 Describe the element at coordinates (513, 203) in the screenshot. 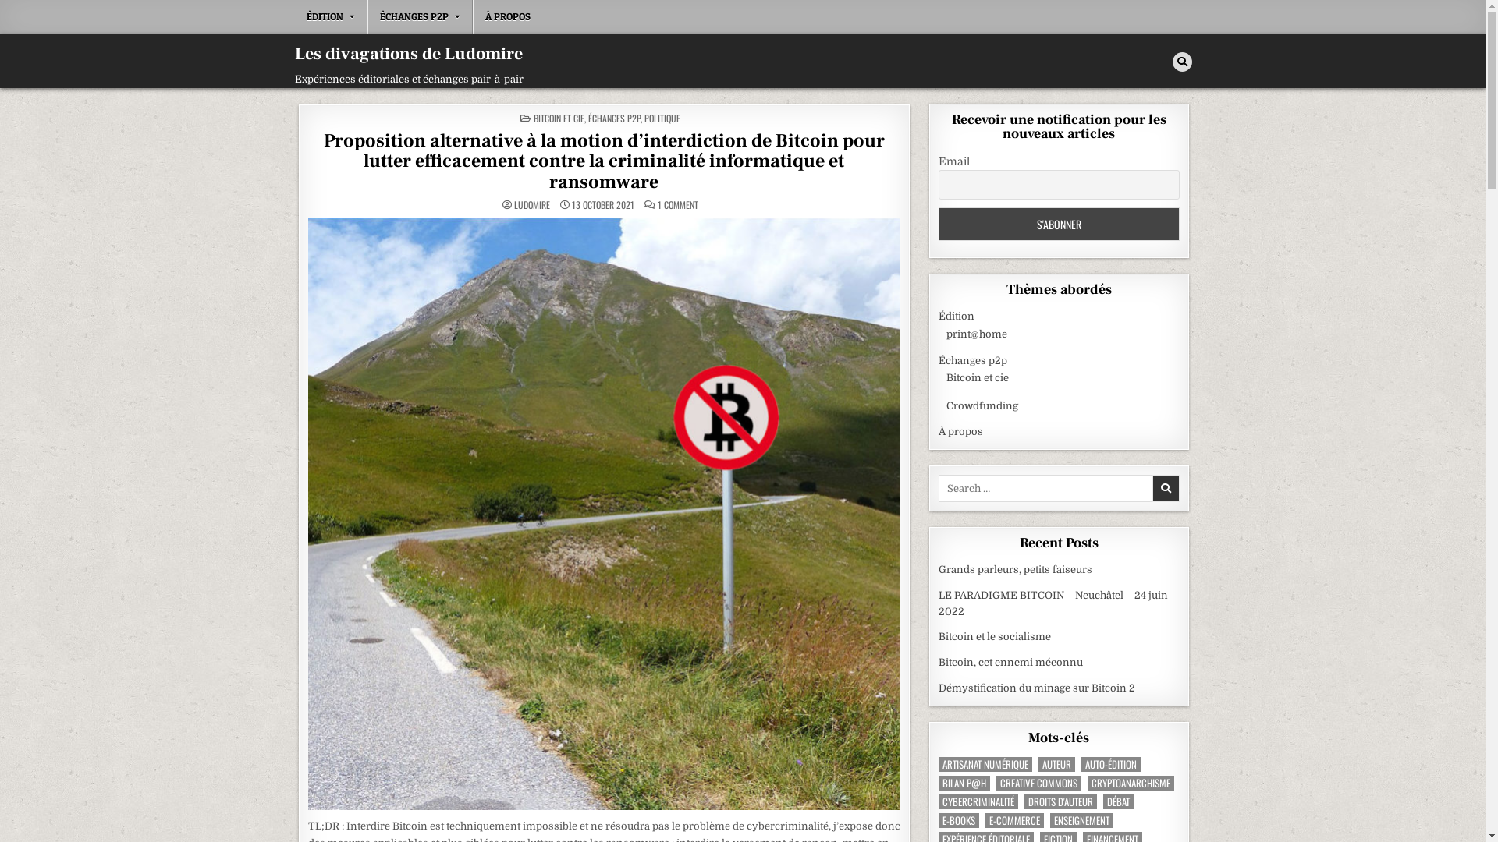

I see `'LUDOMIRE'` at that location.